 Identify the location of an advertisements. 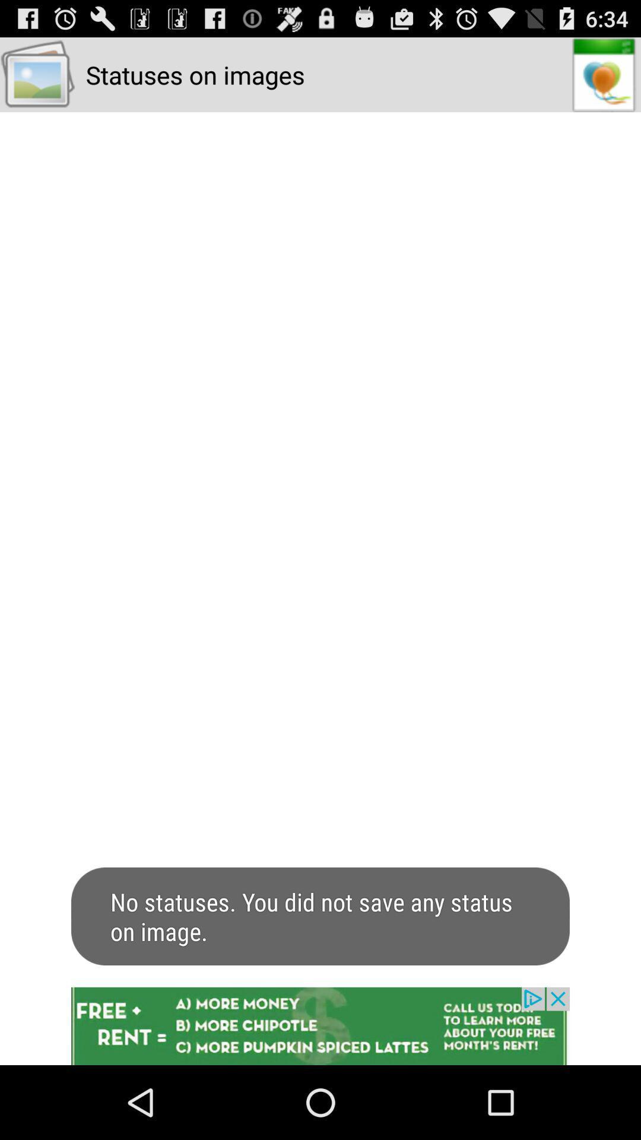
(320, 1025).